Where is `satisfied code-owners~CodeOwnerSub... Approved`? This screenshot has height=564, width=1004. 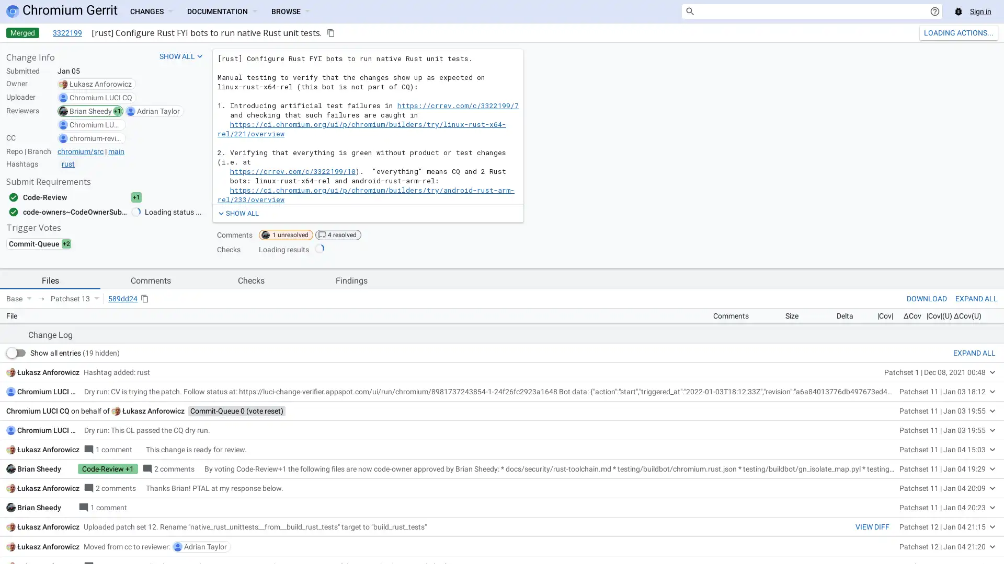 satisfied code-owners~CodeOwnerSub... Approved is located at coordinates (85, 211).